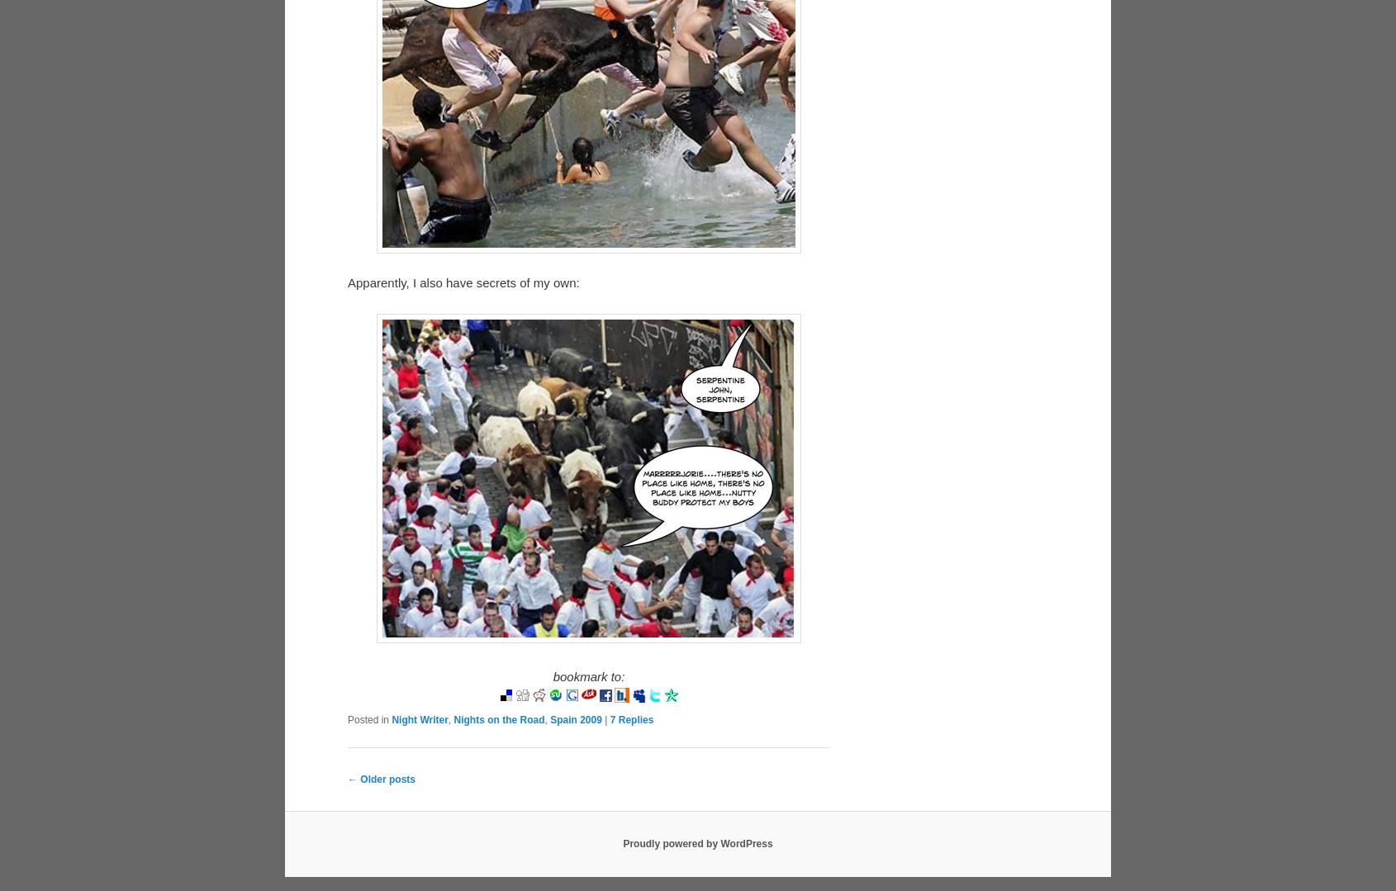 Image resolution: width=1396 pixels, height=891 pixels. What do you see at coordinates (634, 757) in the screenshot?
I see `'Replies'` at bounding box center [634, 757].